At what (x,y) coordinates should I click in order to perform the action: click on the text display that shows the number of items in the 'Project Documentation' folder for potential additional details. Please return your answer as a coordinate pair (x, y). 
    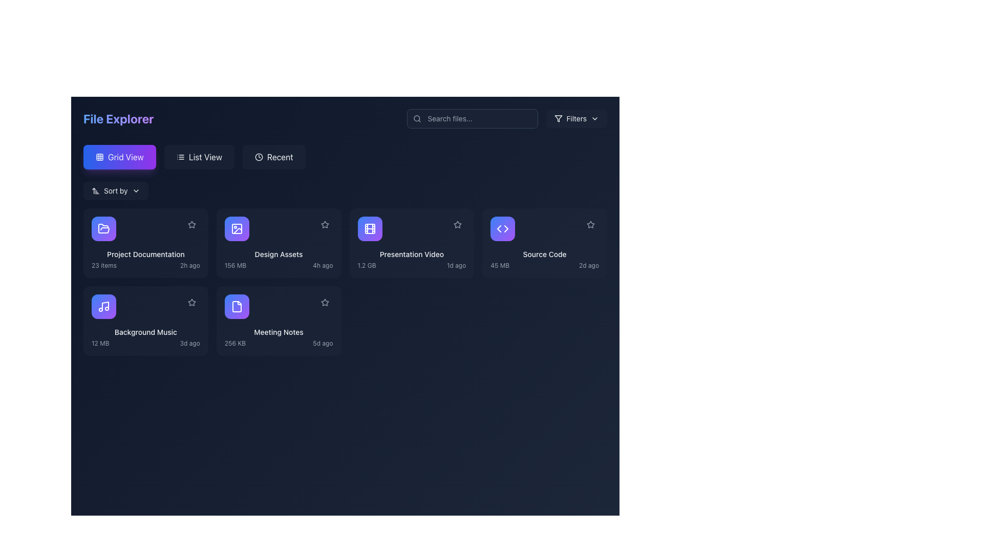
    Looking at the image, I should click on (104, 265).